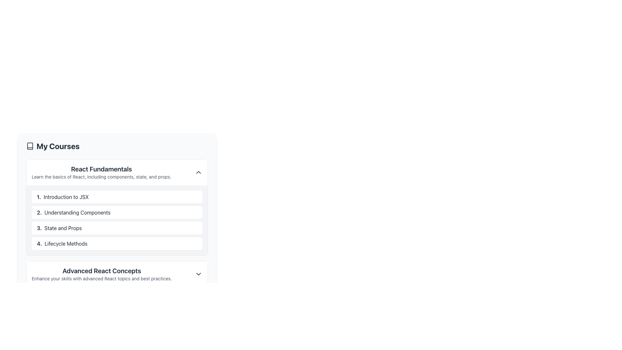 This screenshot has width=622, height=350. What do you see at coordinates (117, 207) in the screenshot?
I see `the course topic 'Understanding Components' within the 'React Fundamentals' section, which is the second item` at bounding box center [117, 207].